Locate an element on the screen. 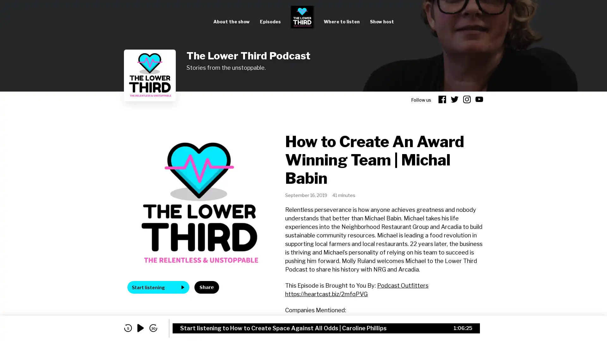 The width and height of the screenshot is (607, 341). skip forward 30 seconds is located at coordinates (153, 328).